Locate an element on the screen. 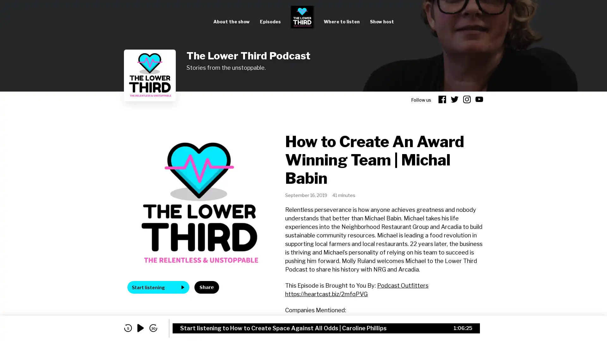 The width and height of the screenshot is (607, 341). skip forward 30 seconds is located at coordinates (153, 328).